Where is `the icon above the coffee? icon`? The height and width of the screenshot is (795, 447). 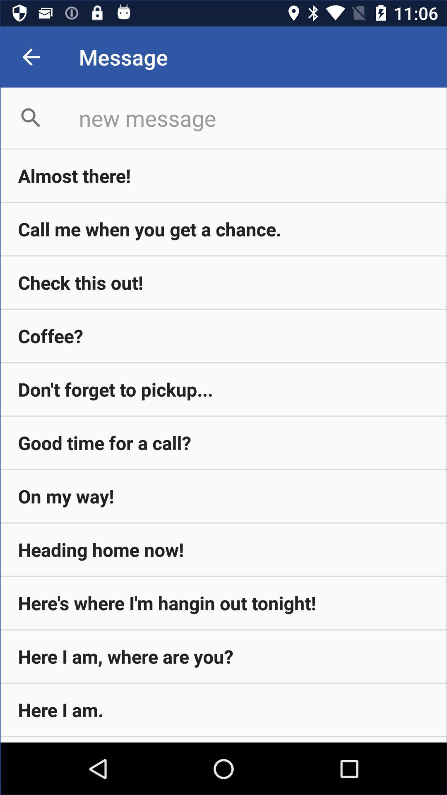
the icon above the coffee? icon is located at coordinates (223, 282).